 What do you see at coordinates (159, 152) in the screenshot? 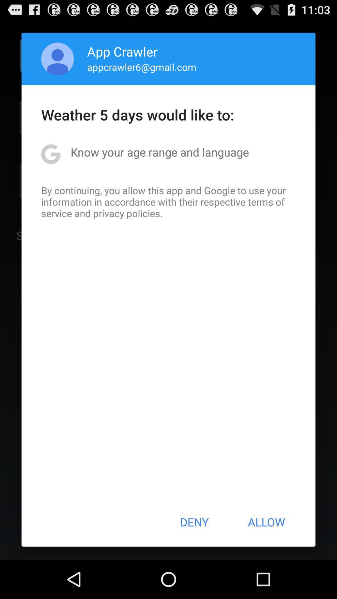
I see `the know your age item` at bounding box center [159, 152].